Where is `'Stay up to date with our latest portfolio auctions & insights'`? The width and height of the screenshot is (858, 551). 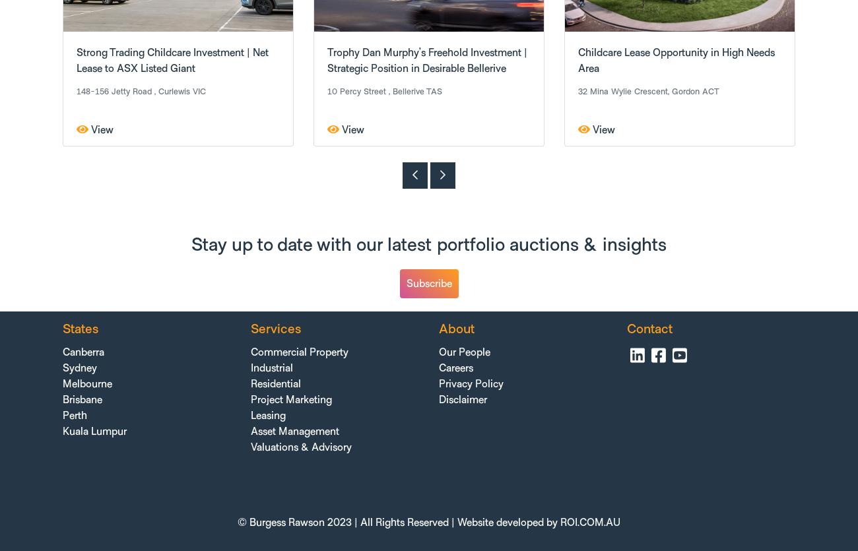
'Stay up to date with our latest portfolio auctions & insights' is located at coordinates (429, 245).